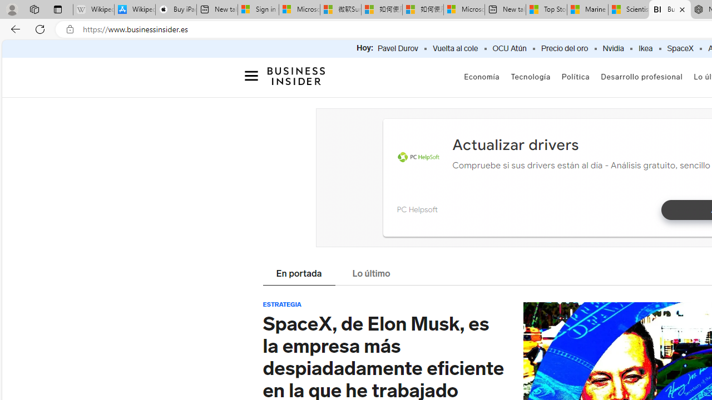 The width and height of the screenshot is (712, 400). I want to click on 'SpaceX', so click(679, 48).